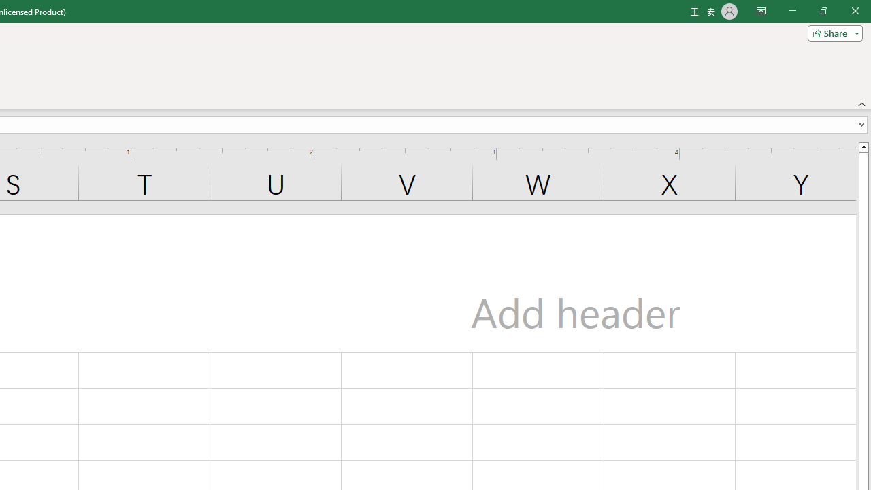 The width and height of the screenshot is (871, 490). I want to click on 'Restore Down', so click(823, 11).